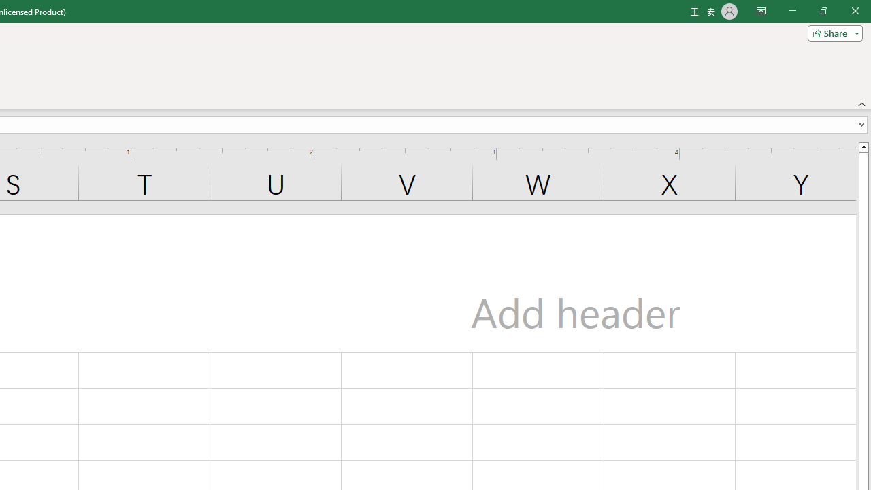 The width and height of the screenshot is (871, 490). I want to click on 'Restore Down', so click(823, 11).